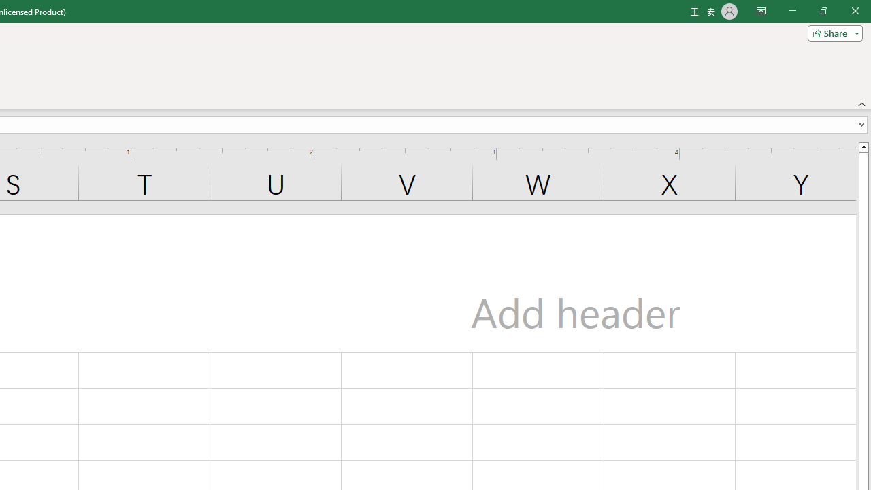 The width and height of the screenshot is (871, 490). I want to click on 'Restore Down', so click(823, 11).